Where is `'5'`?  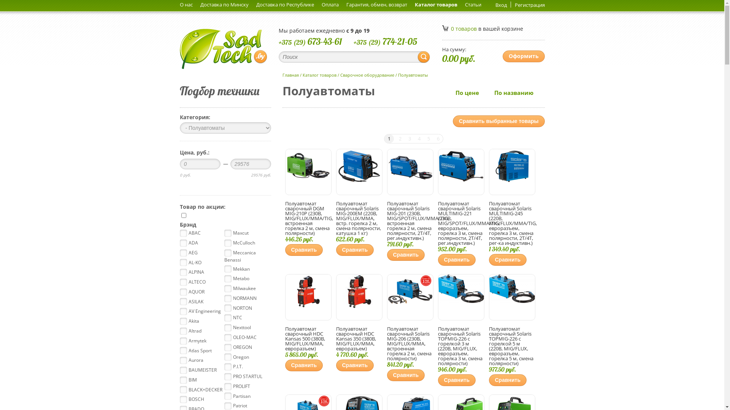 '5' is located at coordinates (428, 139).